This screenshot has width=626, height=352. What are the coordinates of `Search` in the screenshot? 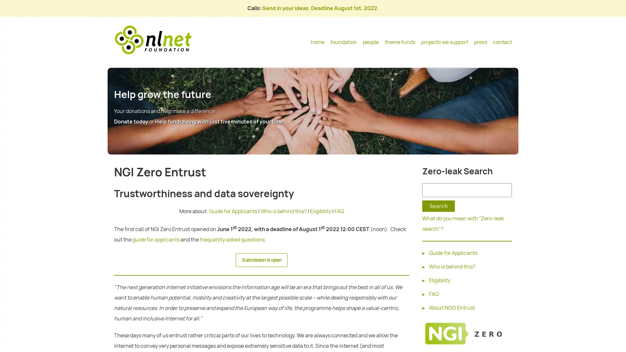 It's located at (438, 206).